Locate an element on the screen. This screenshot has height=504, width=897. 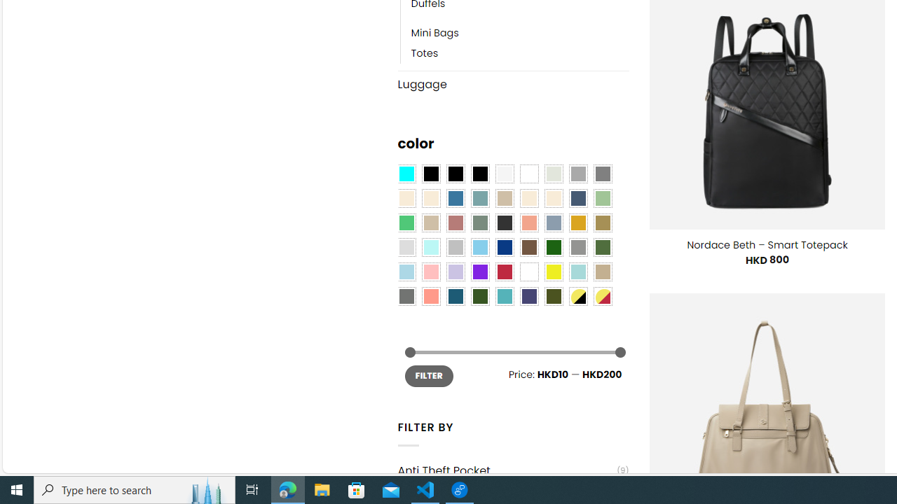
'Kelp' is located at coordinates (603, 222).